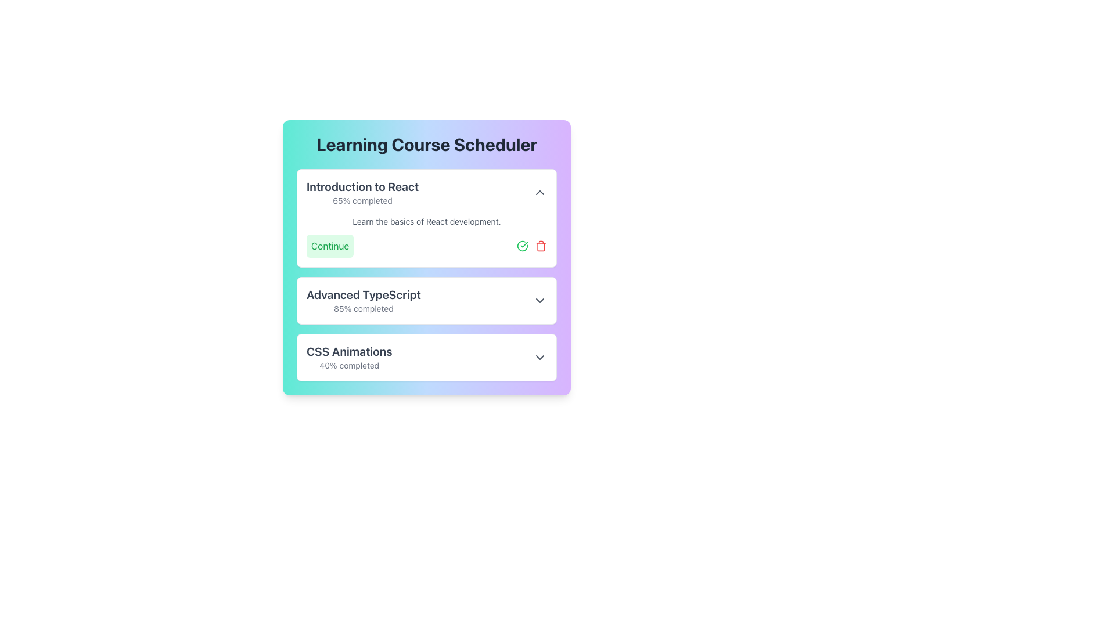  I want to click on the green circular icon with a checkmark inside, located in the 'Introduction to React' section, under the 'Learning Course Scheduler' heading, so click(522, 246).